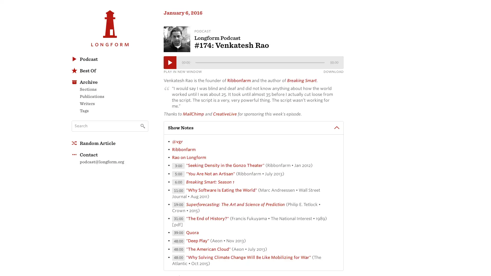 Image resolution: width=491 pixels, height=276 pixels. What do you see at coordinates (178, 167) in the screenshot?
I see `3:00` at bounding box center [178, 167].